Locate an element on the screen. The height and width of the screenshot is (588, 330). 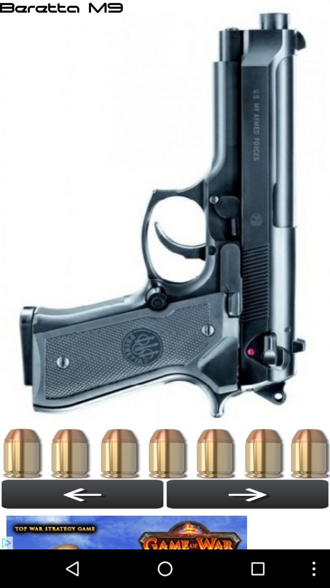
move option is located at coordinates (128, 529).